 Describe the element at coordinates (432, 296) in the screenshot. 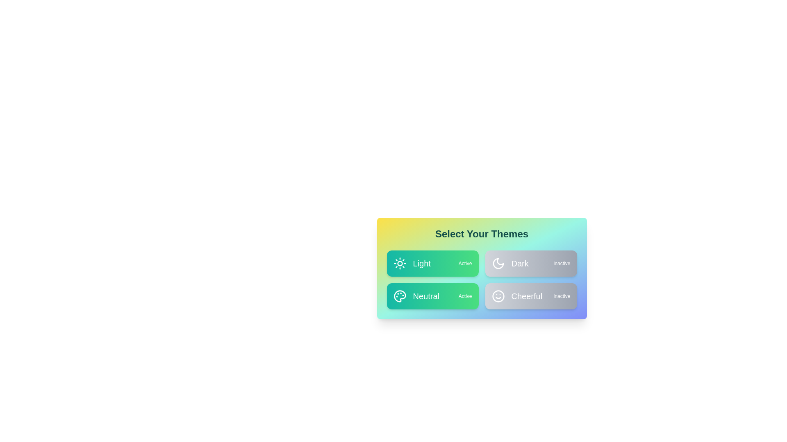

I see `the theme card for Neutral to observe its hover effect` at that location.